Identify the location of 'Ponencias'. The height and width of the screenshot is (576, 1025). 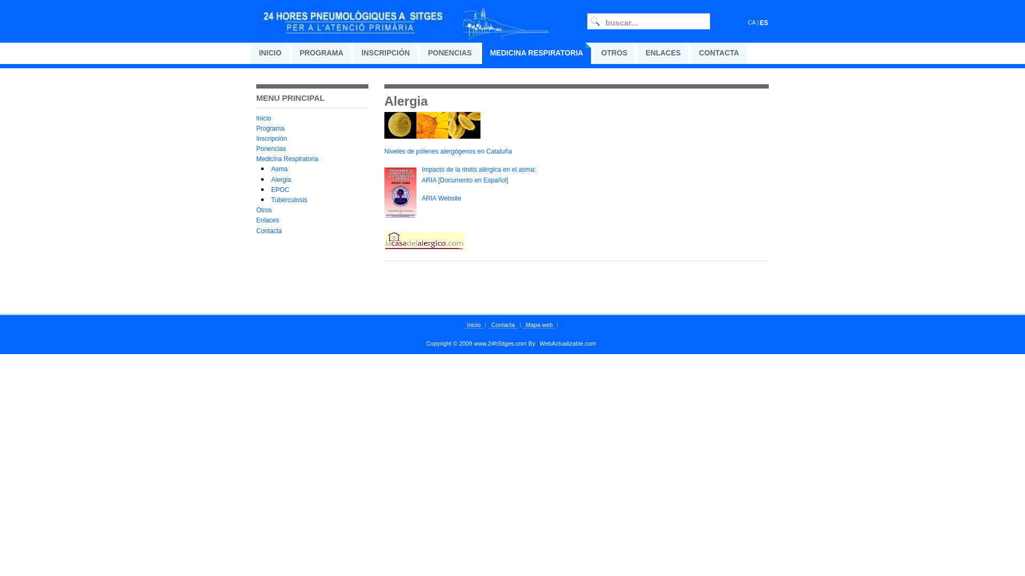
(271, 148).